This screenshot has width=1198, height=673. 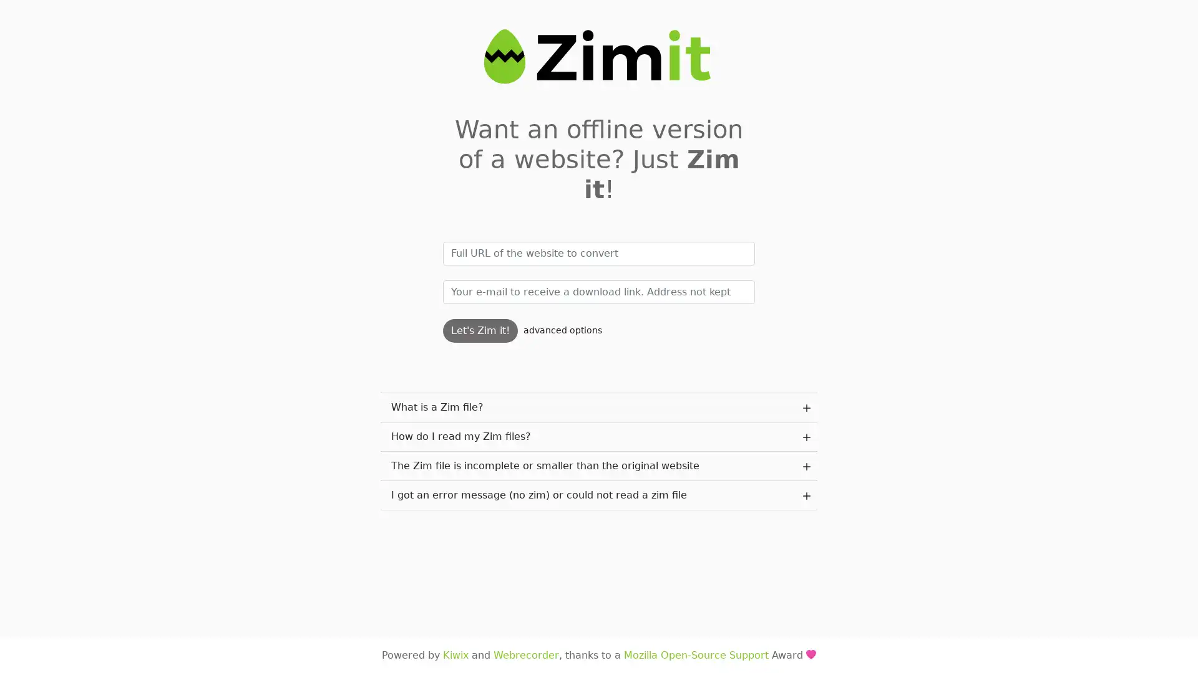 What do you see at coordinates (562, 330) in the screenshot?
I see `advanced options` at bounding box center [562, 330].